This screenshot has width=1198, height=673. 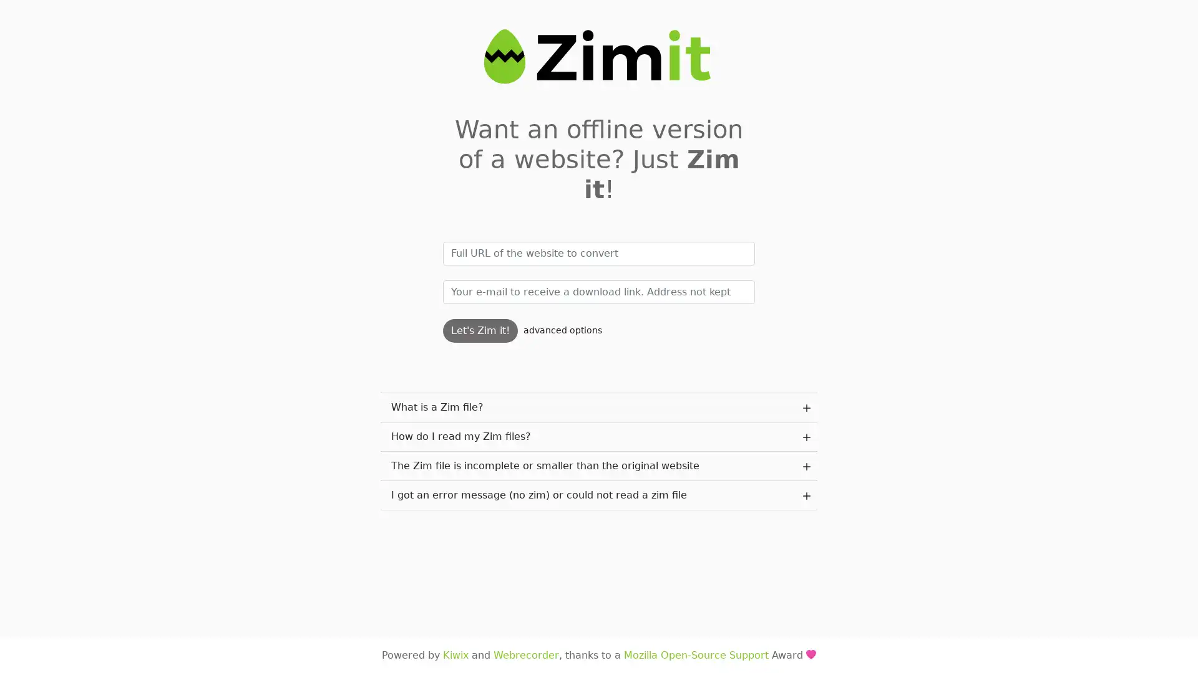 What do you see at coordinates (562, 330) in the screenshot?
I see `advanced options` at bounding box center [562, 330].